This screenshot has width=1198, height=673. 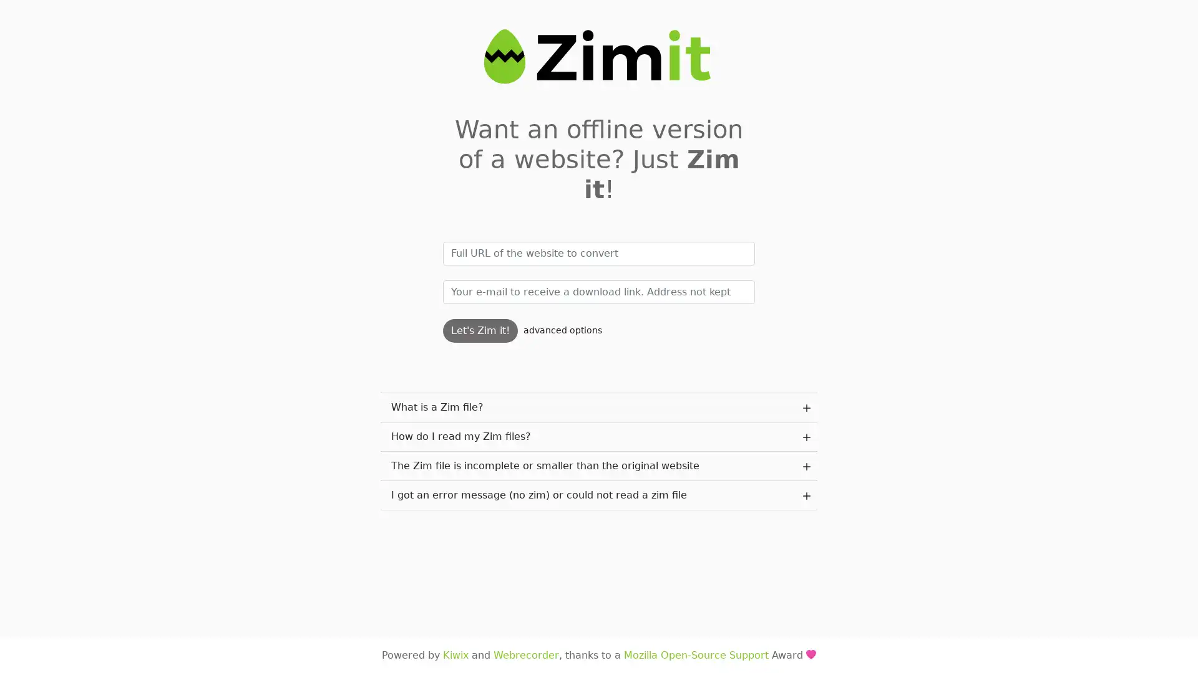 What do you see at coordinates (562, 330) in the screenshot?
I see `advanced options` at bounding box center [562, 330].